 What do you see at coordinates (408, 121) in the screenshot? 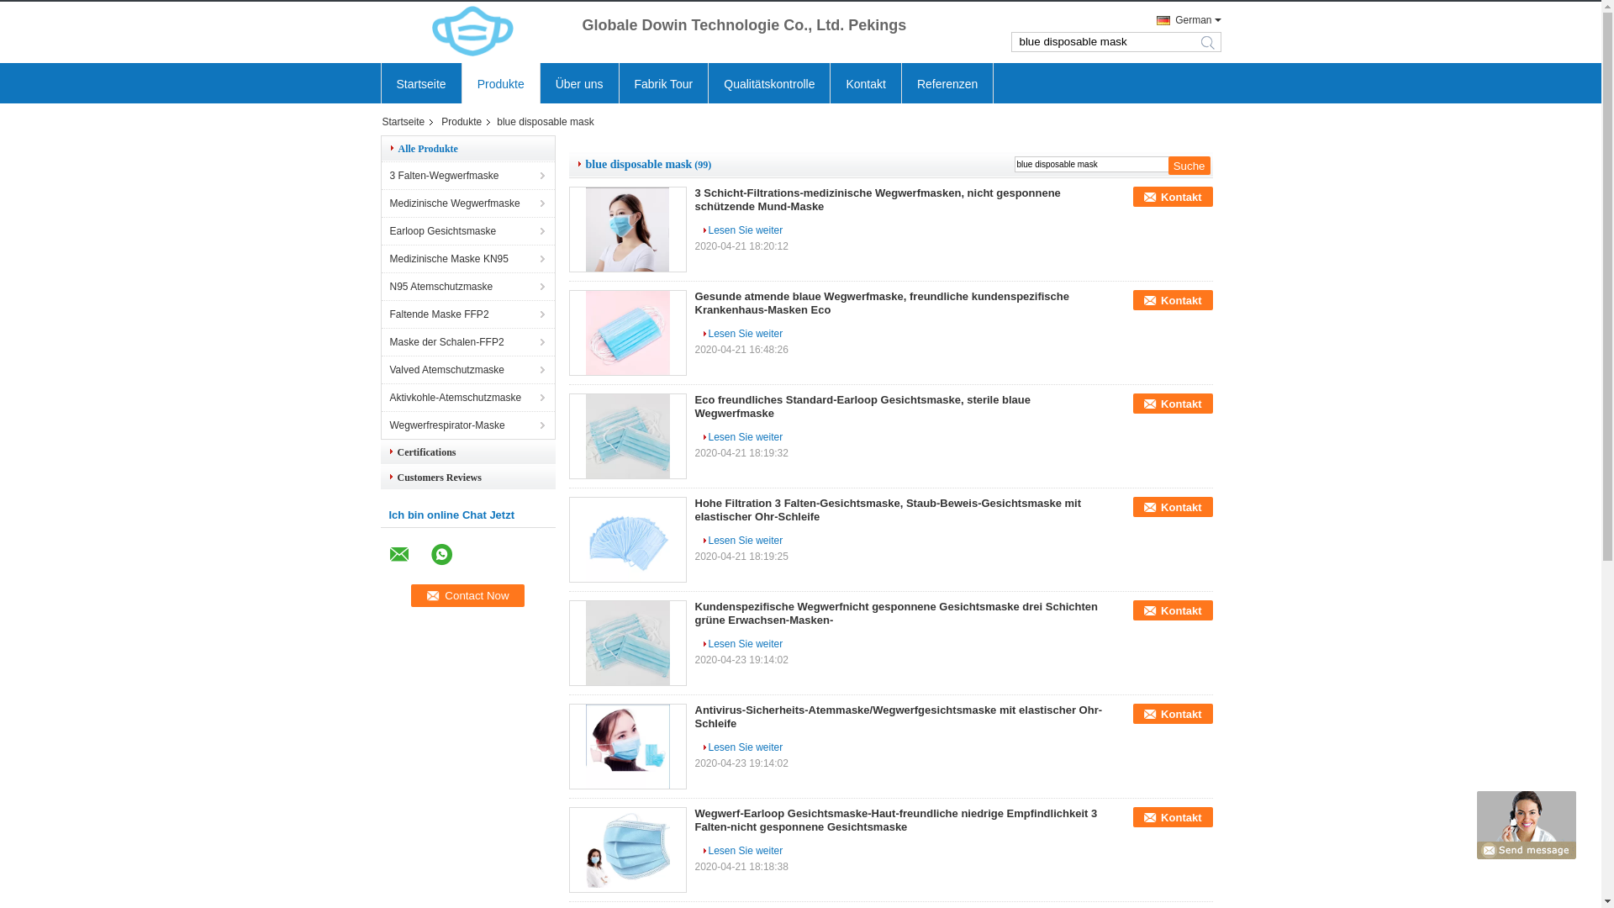
I see `'Startseite'` at bounding box center [408, 121].